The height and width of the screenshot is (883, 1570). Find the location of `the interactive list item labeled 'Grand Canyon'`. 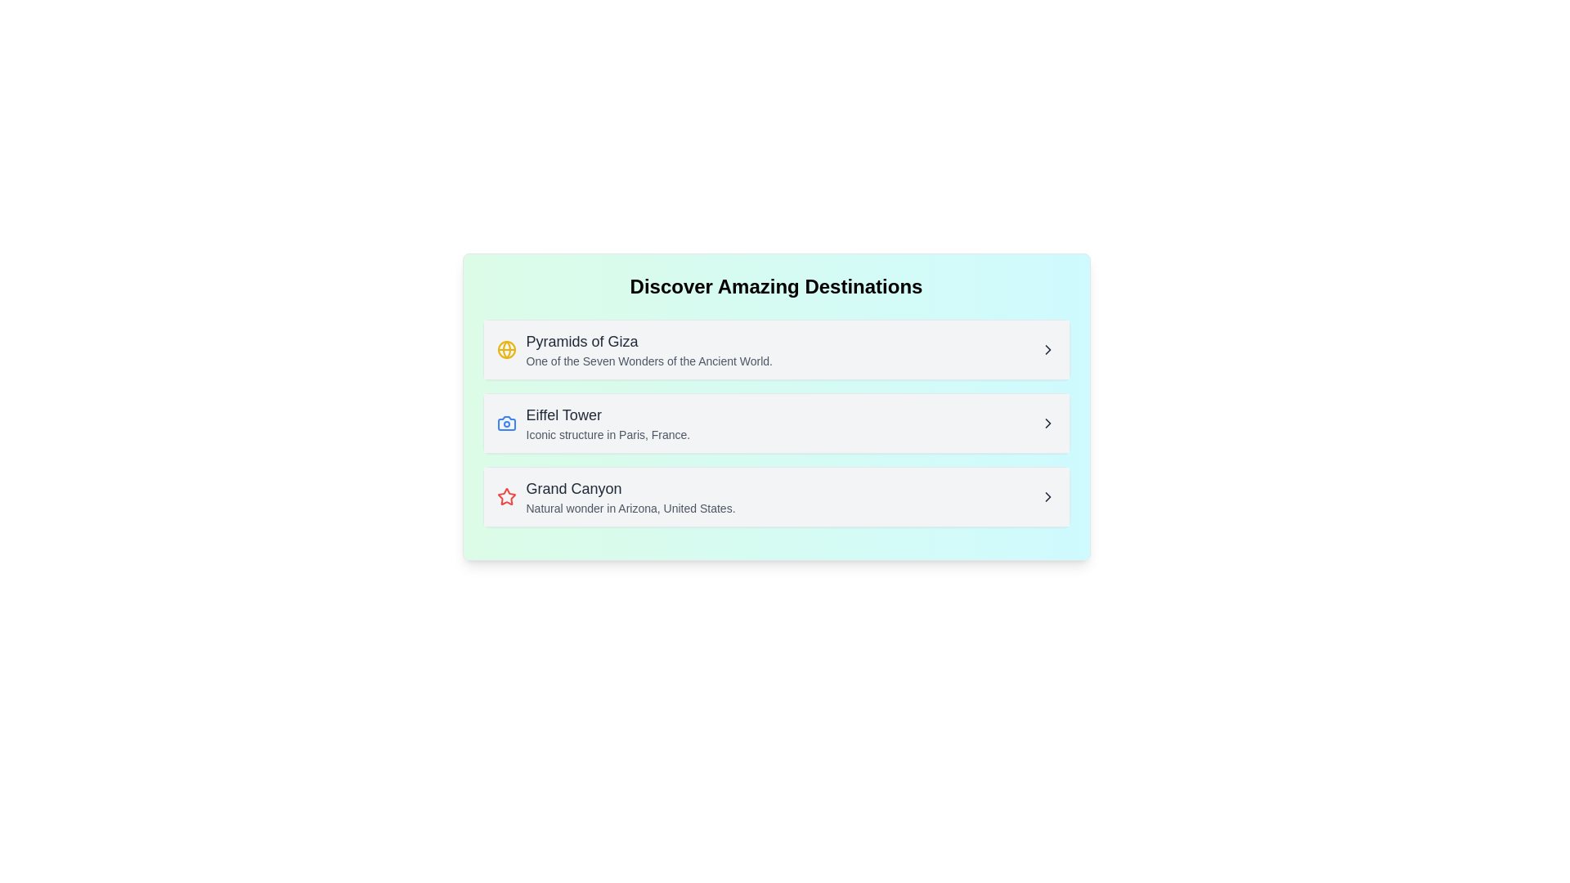

the interactive list item labeled 'Grand Canyon' is located at coordinates (775, 496).